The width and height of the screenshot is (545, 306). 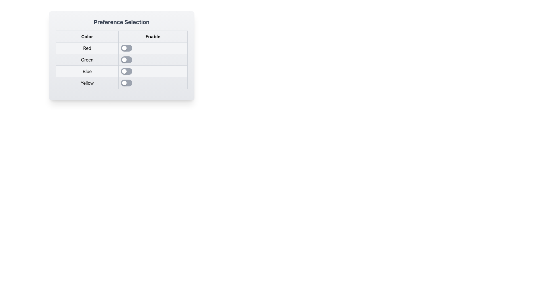 What do you see at coordinates (121, 60) in the screenshot?
I see `the white knob of the toggle switch for 'Green' preference` at bounding box center [121, 60].